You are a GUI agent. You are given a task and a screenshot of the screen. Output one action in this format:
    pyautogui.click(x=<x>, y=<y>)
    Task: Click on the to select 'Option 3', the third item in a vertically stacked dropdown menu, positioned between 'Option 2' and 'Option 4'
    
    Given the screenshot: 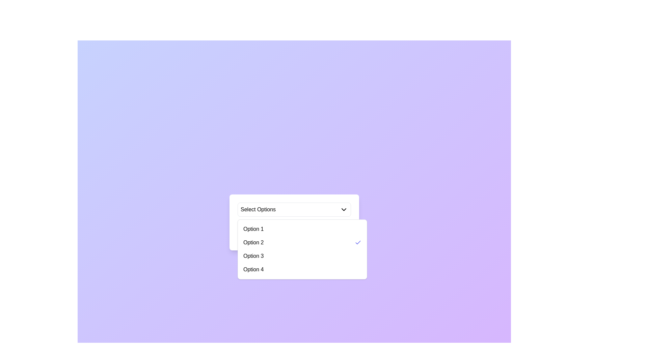 What is the action you would take?
    pyautogui.click(x=302, y=256)
    